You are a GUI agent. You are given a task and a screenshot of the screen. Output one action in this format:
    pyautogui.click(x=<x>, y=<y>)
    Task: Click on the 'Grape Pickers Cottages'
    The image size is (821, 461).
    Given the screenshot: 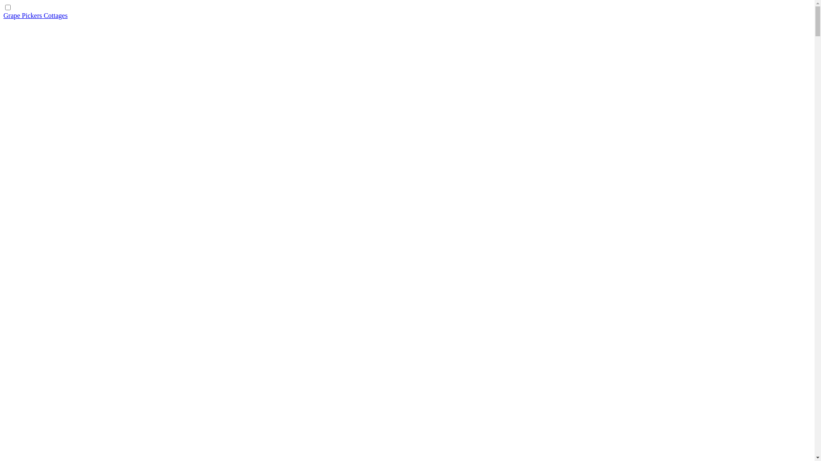 What is the action you would take?
    pyautogui.click(x=35, y=15)
    